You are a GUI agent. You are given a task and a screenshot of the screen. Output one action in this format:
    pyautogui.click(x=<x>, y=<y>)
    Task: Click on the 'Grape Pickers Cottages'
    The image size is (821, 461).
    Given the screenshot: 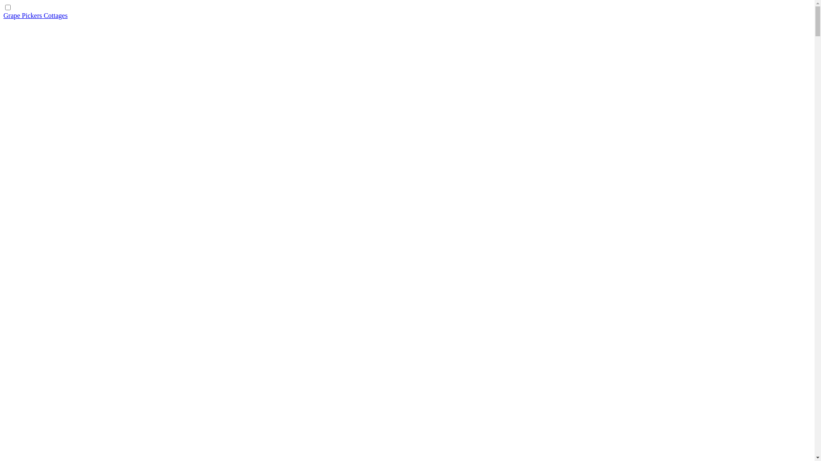 What is the action you would take?
    pyautogui.click(x=35, y=15)
    